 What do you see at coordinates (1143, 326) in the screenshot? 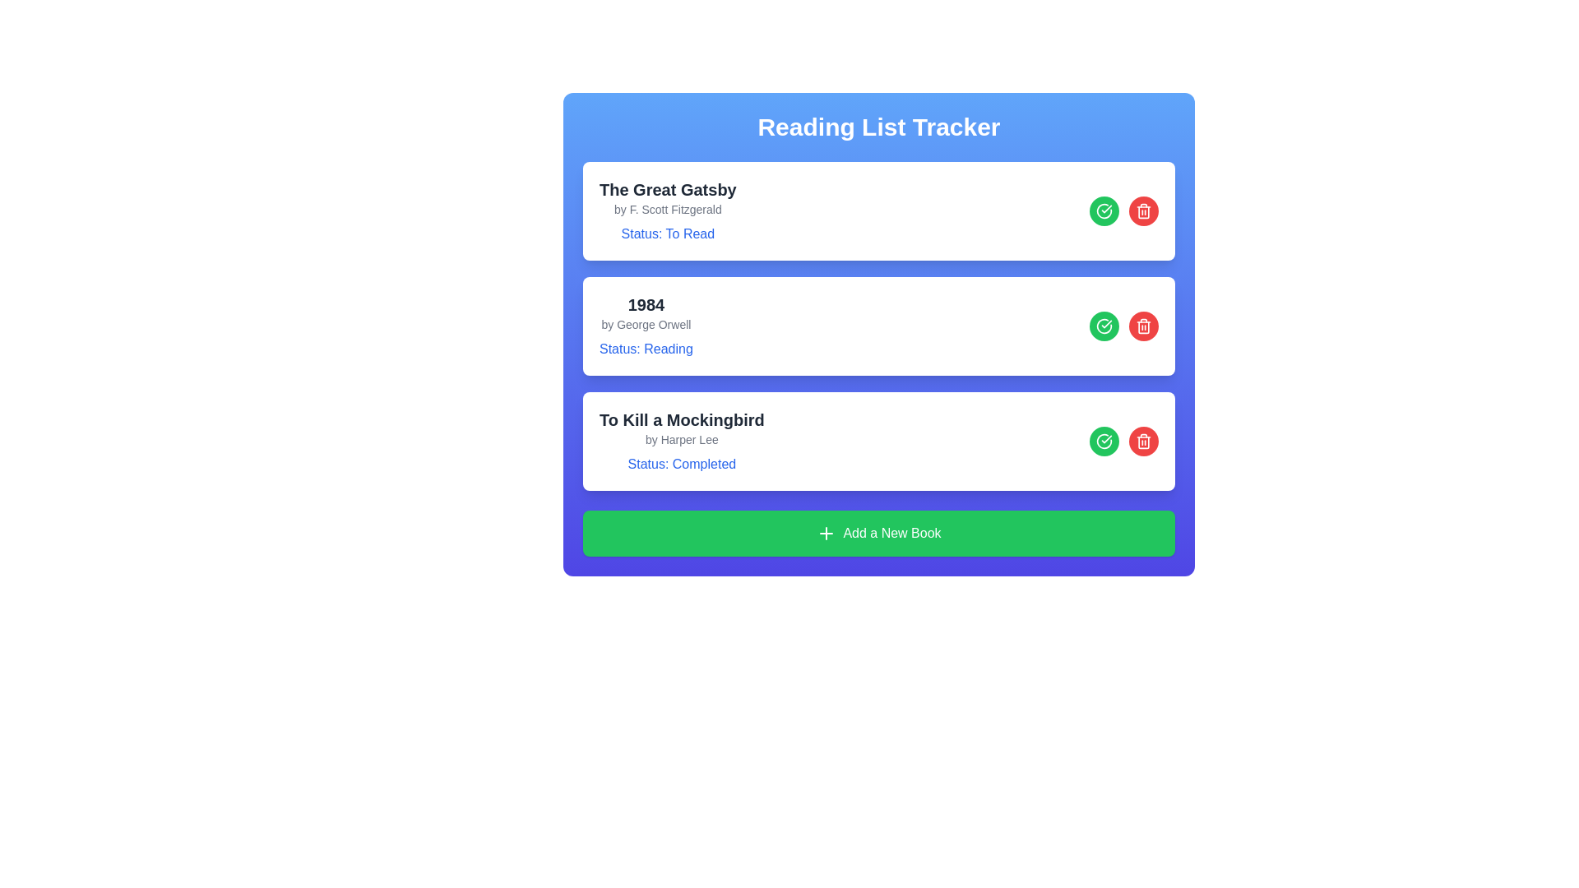
I see `the second circular icon button for the book entry '1984' to observe its hover effects` at bounding box center [1143, 326].